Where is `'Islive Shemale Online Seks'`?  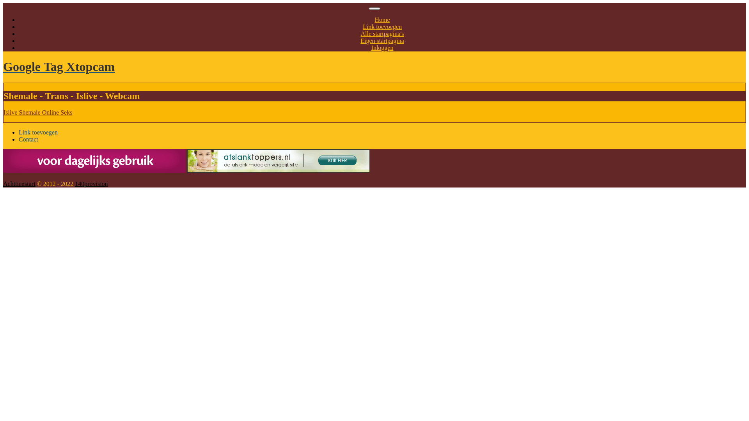 'Islive Shemale Online Seks' is located at coordinates (4, 112).